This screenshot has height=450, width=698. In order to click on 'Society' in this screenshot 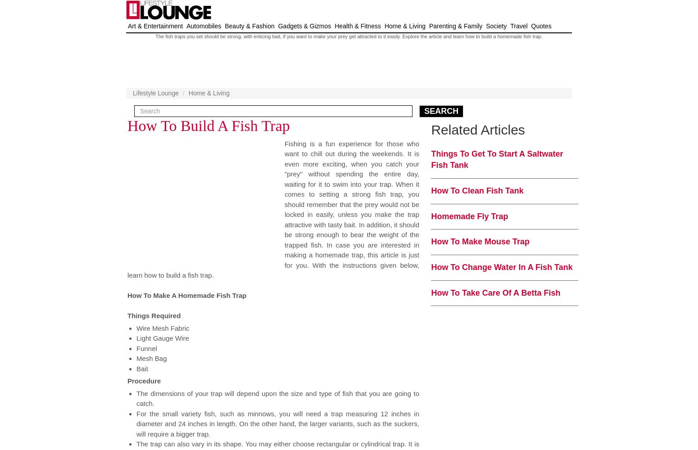, I will do `click(485, 26)`.